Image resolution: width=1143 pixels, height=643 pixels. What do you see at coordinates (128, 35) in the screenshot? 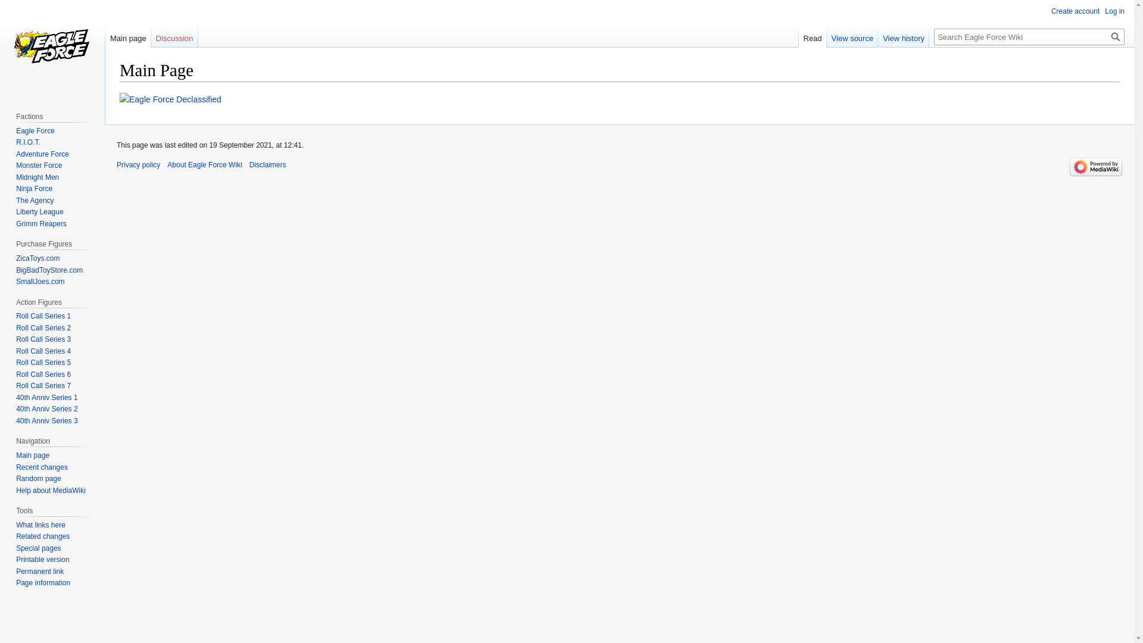
I see `'Main page'` at bounding box center [128, 35].